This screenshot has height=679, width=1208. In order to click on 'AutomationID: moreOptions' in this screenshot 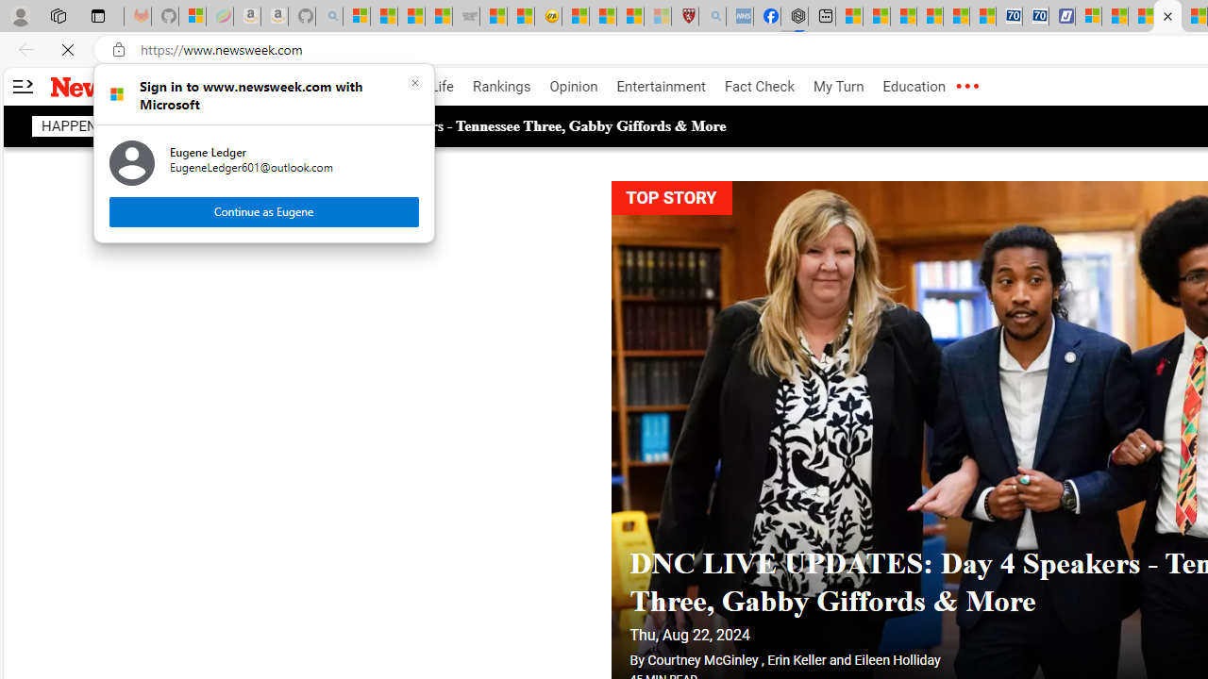, I will do `click(966, 87)`.